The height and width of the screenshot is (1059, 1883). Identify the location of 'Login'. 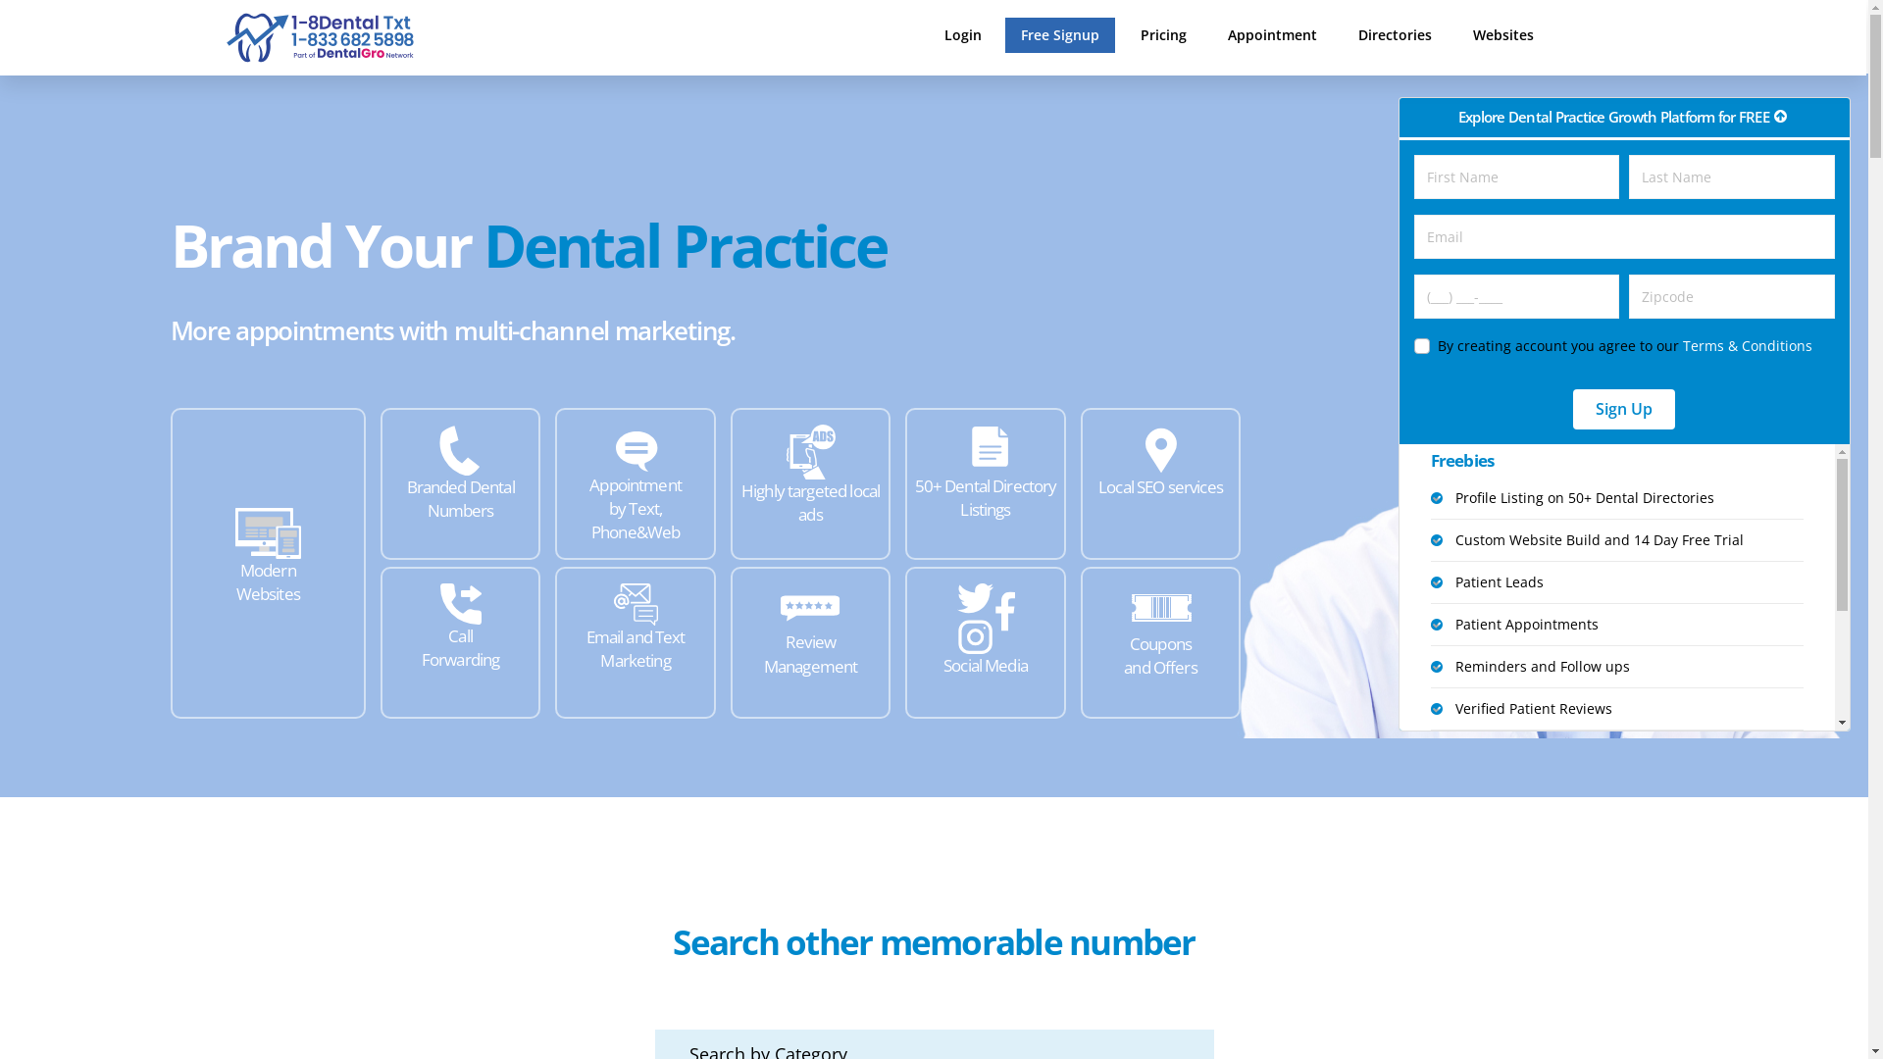
(963, 34).